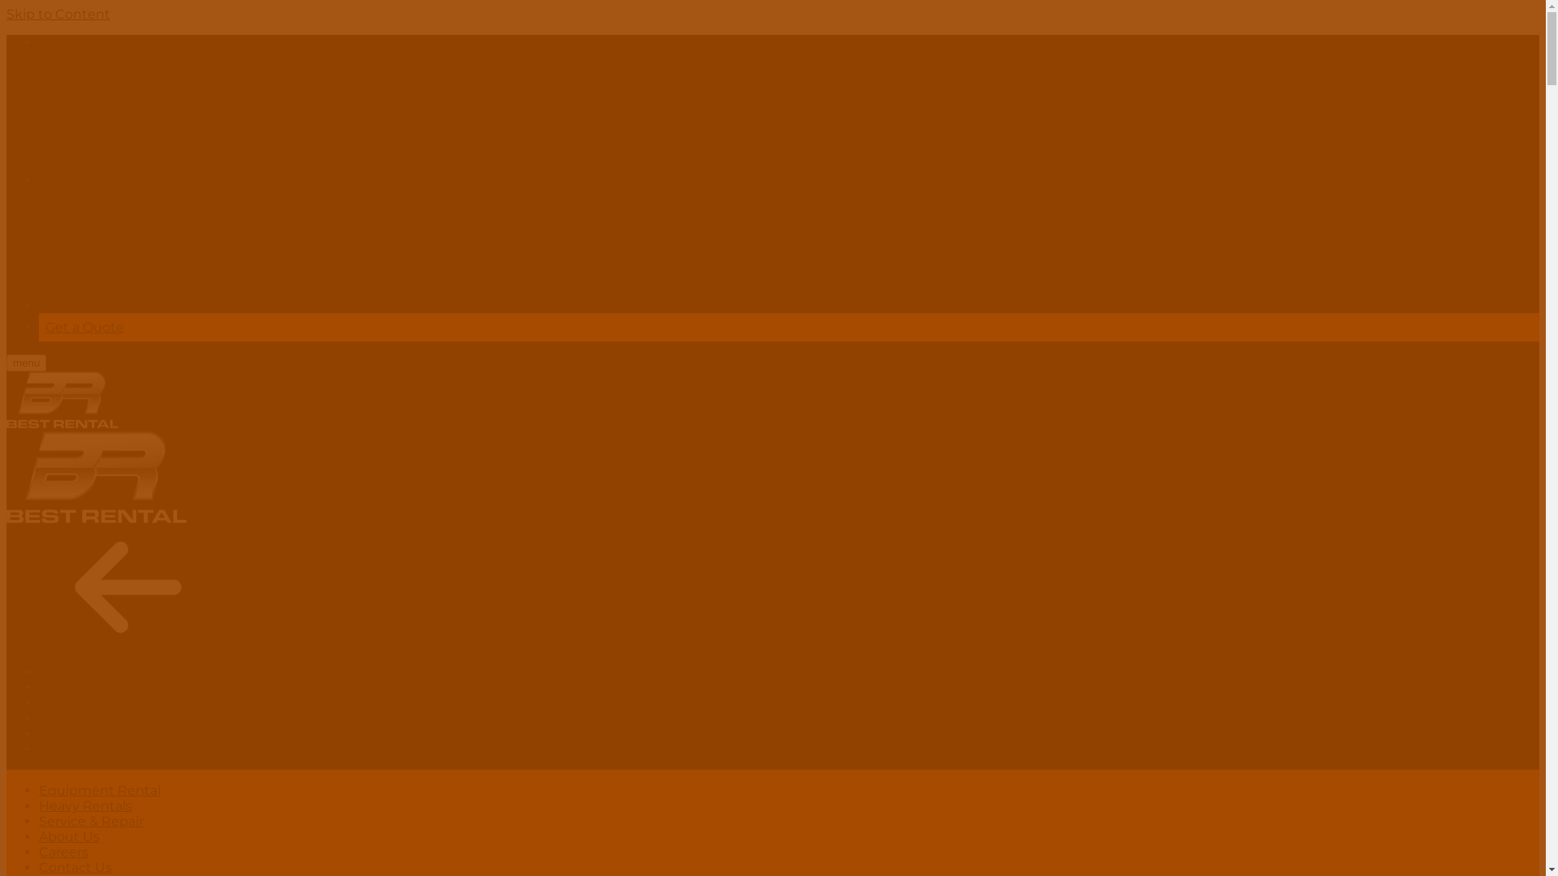  What do you see at coordinates (90, 702) in the screenshot?
I see `'Service & Repair'` at bounding box center [90, 702].